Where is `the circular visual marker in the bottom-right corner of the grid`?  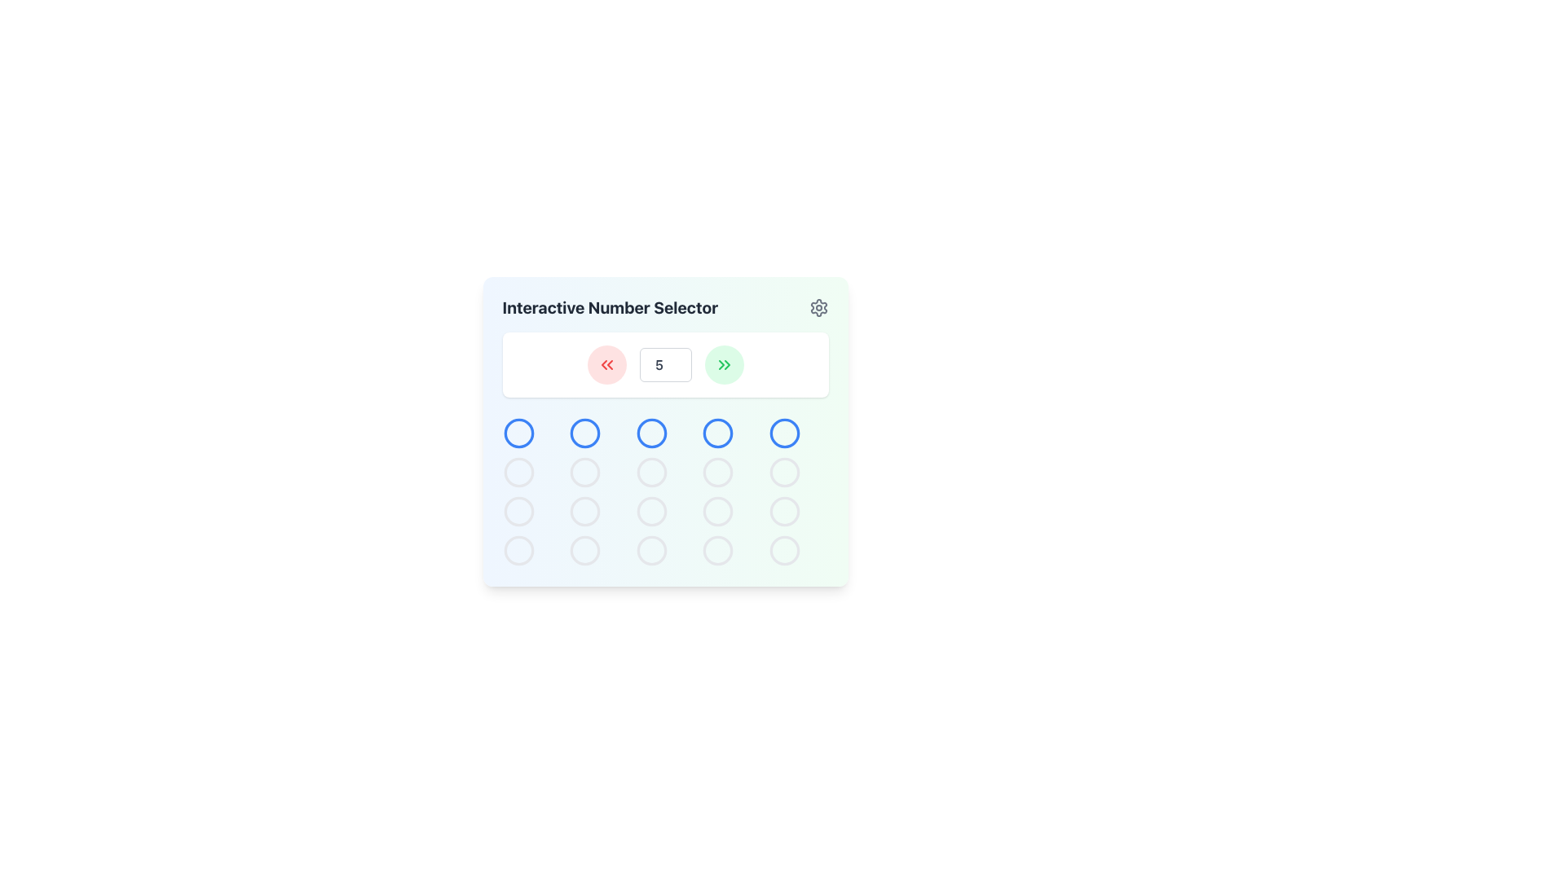 the circular visual marker in the bottom-right corner of the grid is located at coordinates (784, 472).